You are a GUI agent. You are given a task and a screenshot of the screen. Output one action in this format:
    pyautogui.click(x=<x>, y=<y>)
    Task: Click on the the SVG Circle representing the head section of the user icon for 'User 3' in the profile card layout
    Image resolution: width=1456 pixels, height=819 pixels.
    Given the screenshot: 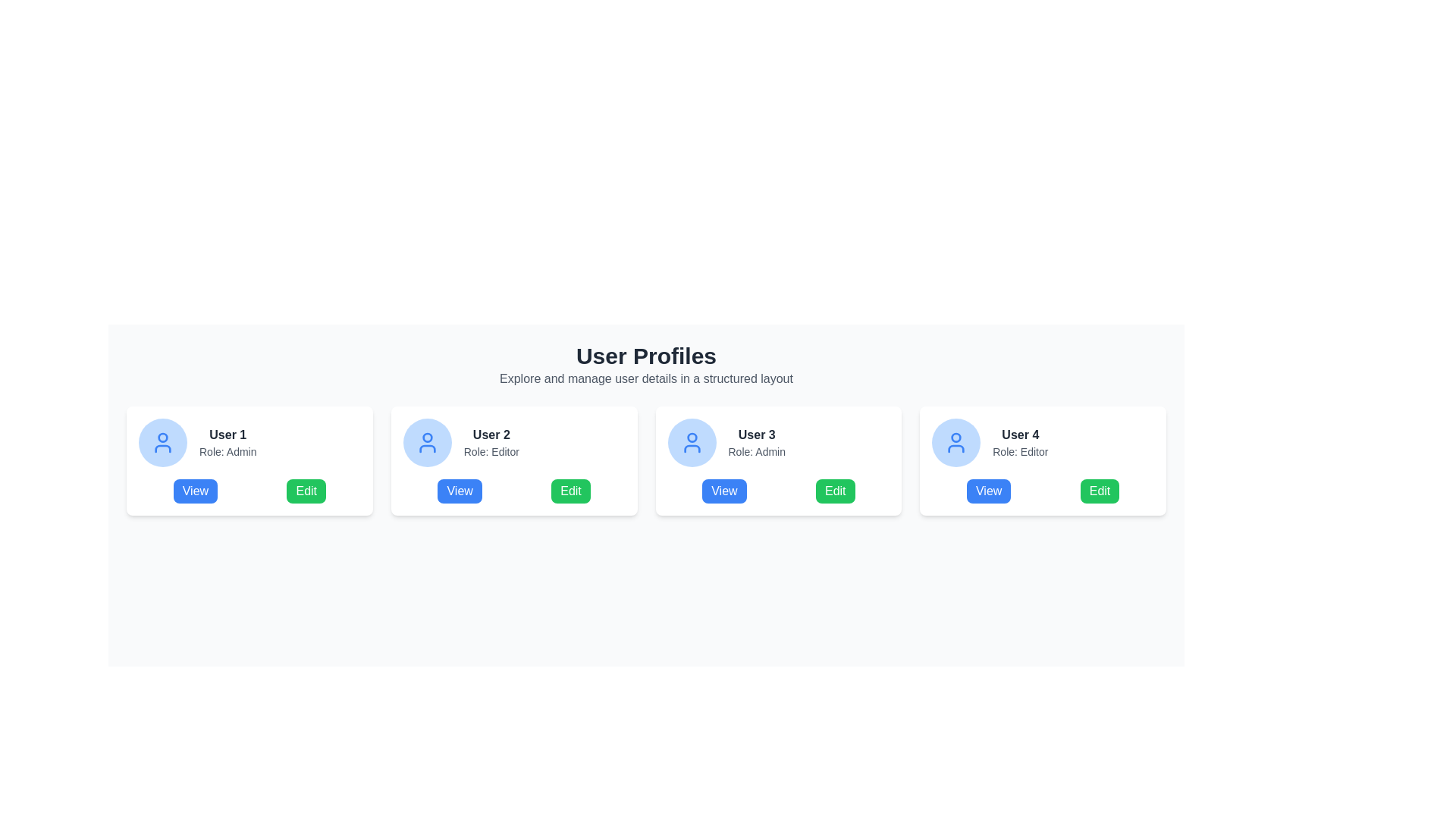 What is the action you would take?
    pyautogui.click(x=691, y=438)
    